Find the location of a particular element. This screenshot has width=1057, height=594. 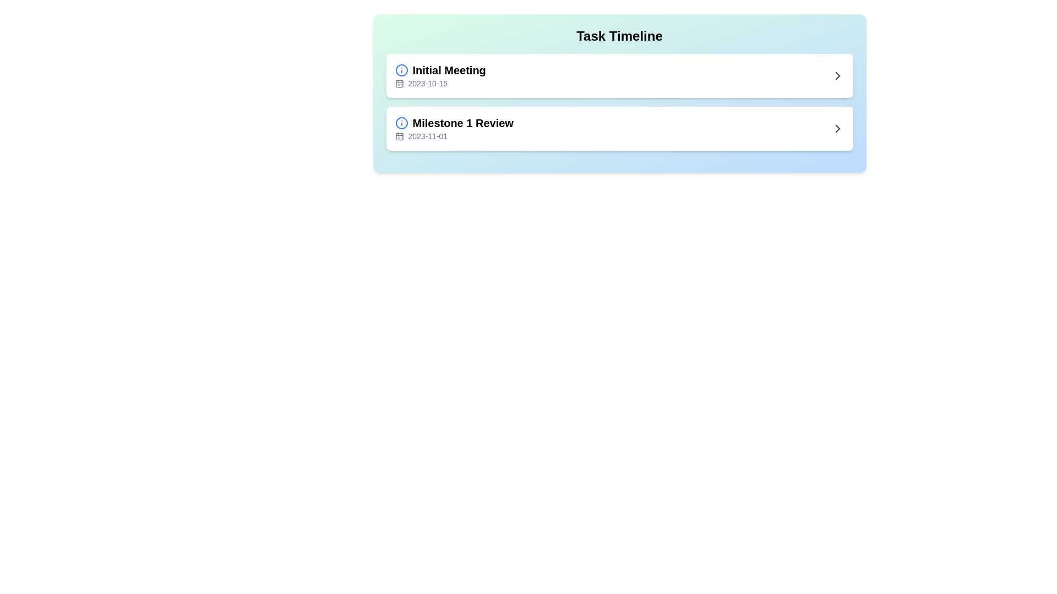

the content of the text label displaying the title of the second task or milestone in the 'Task Timeline' section, located directly beneath the 'Initial Meeting' item is located at coordinates (454, 123).